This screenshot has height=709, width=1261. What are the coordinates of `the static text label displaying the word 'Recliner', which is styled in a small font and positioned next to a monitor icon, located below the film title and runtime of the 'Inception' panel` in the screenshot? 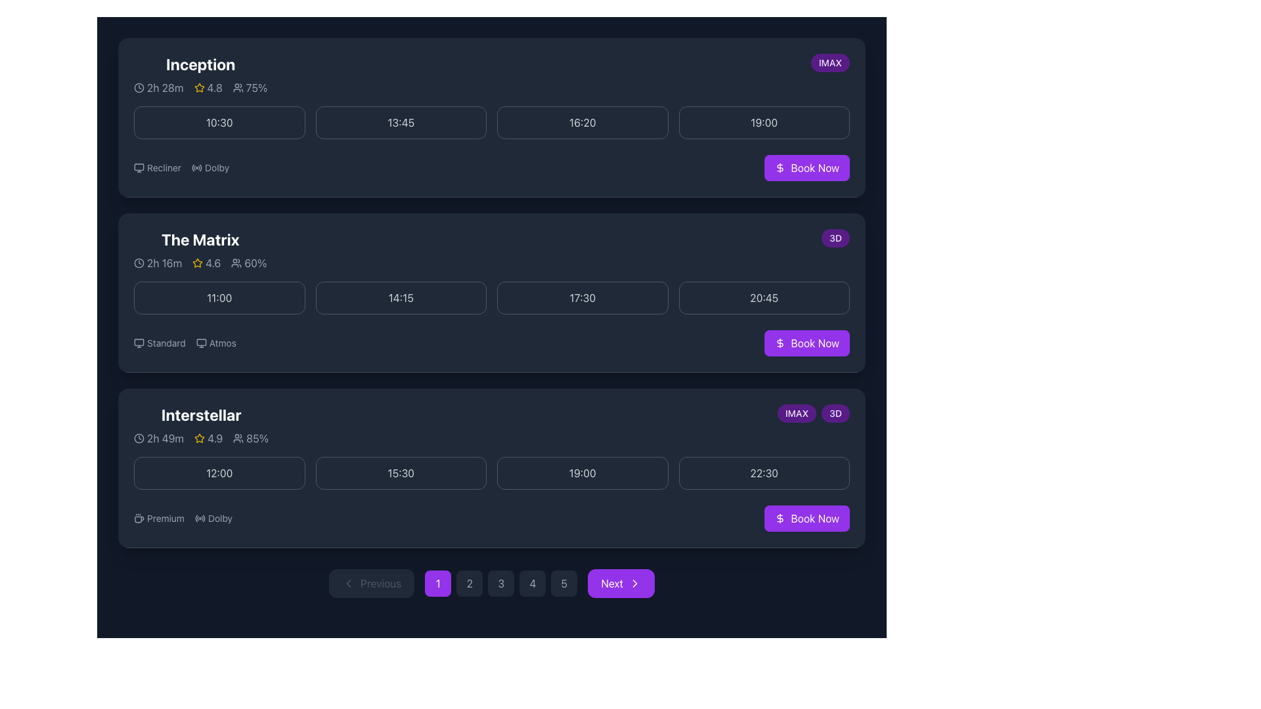 It's located at (163, 167).